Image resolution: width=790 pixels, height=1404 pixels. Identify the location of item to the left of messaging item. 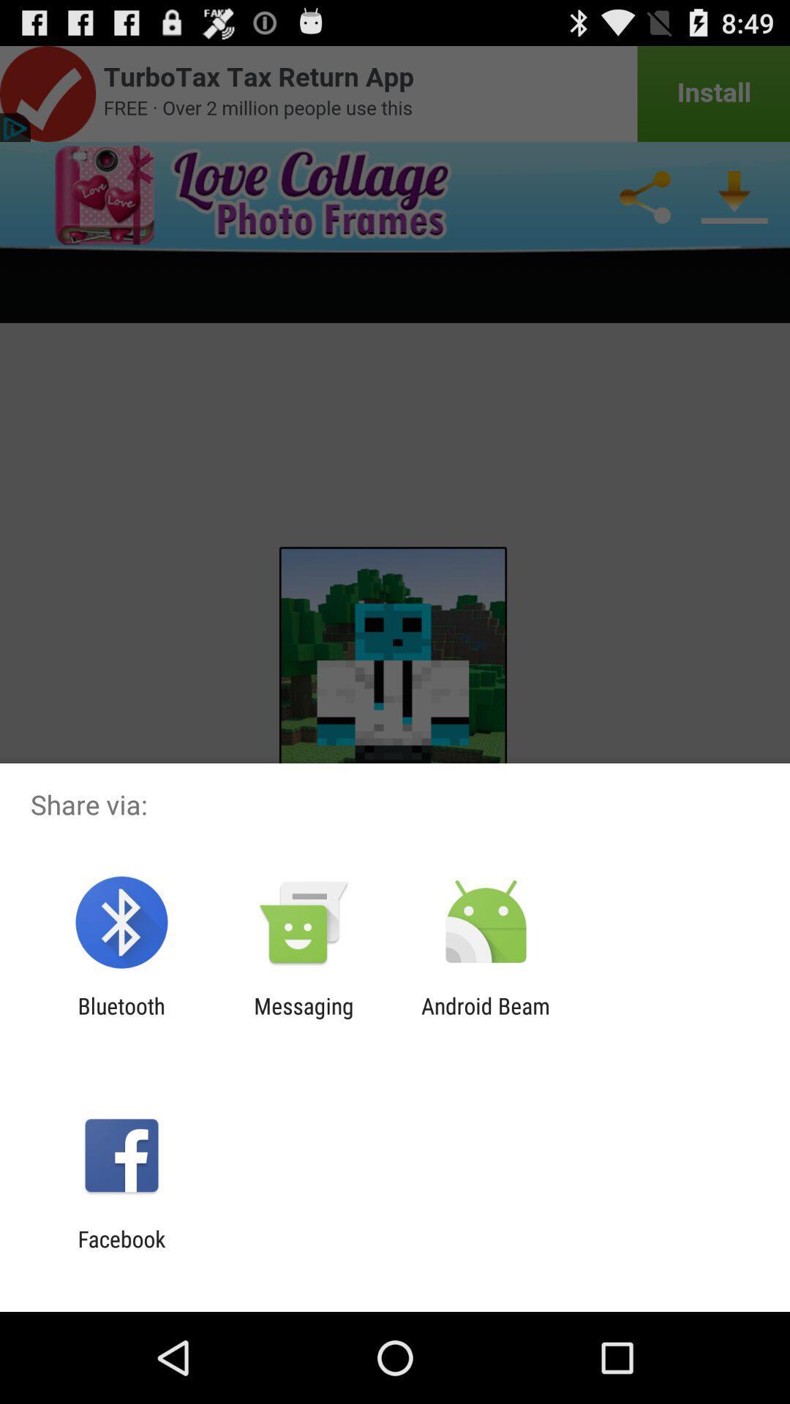
(121, 1018).